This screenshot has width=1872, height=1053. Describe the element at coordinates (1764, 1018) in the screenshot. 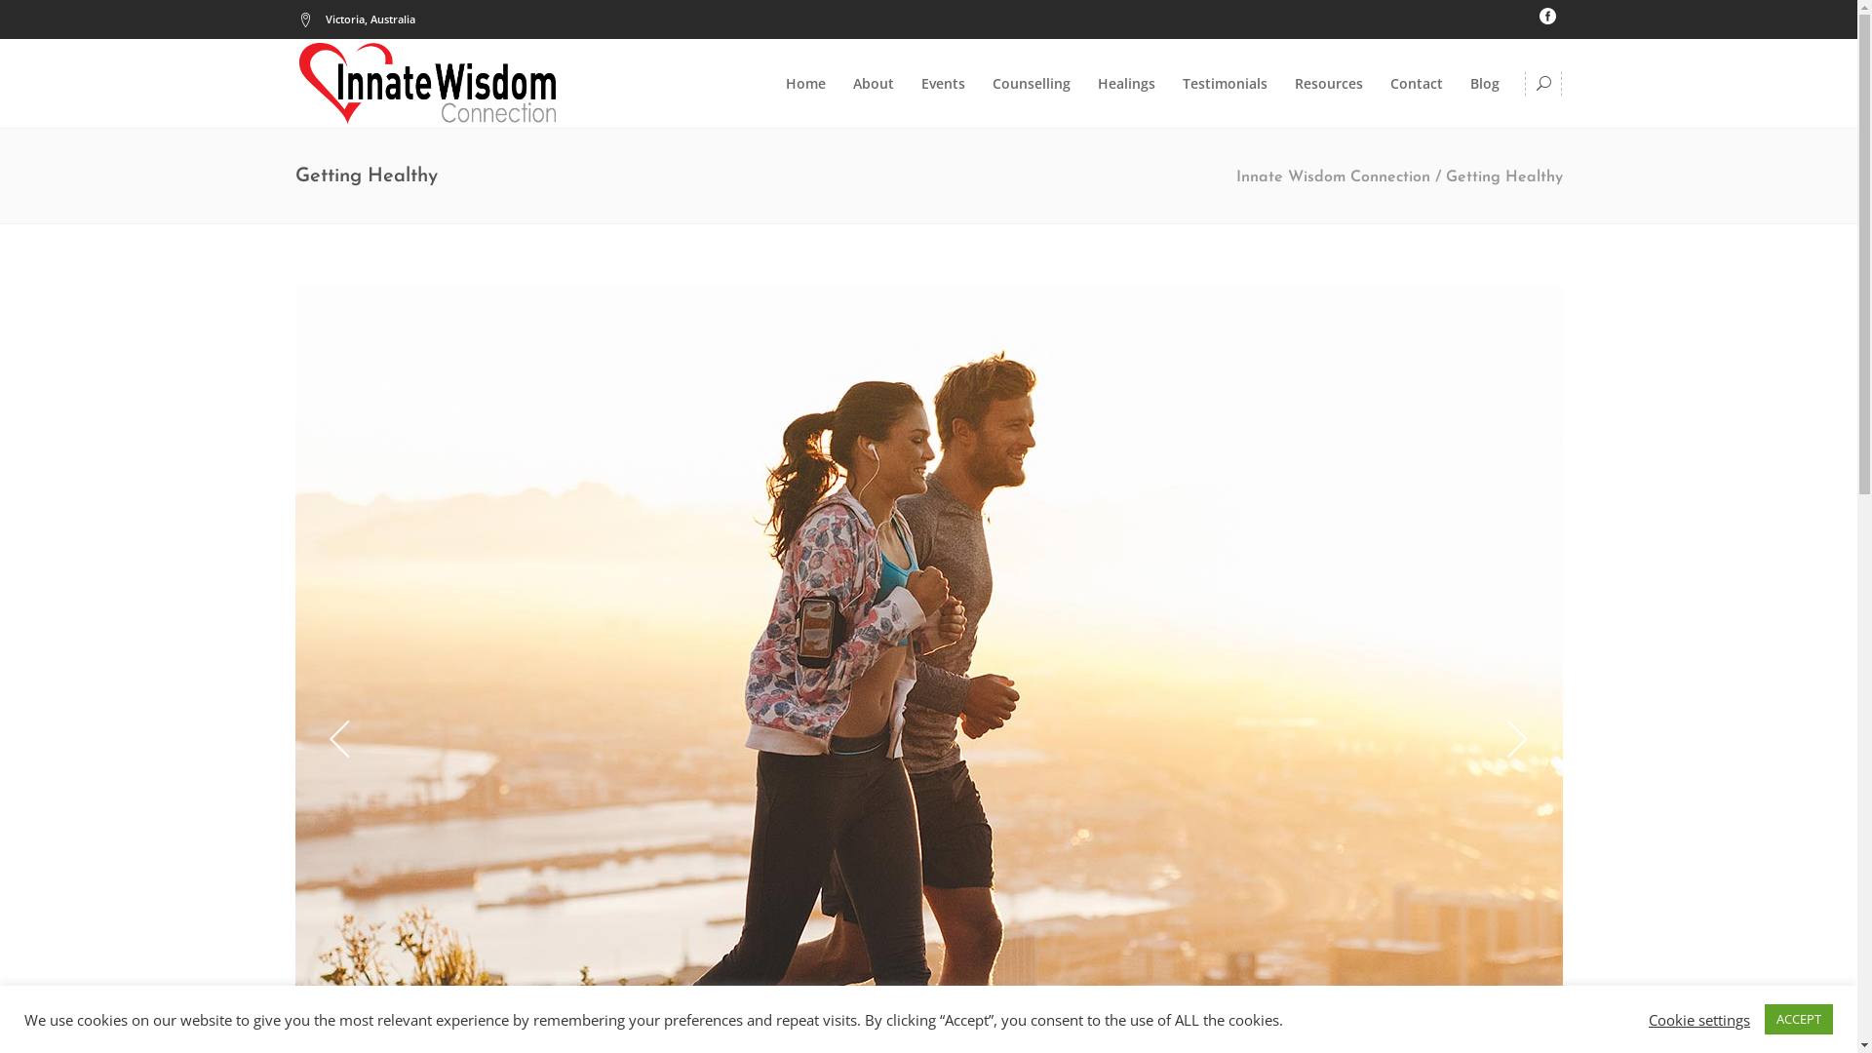

I see `'ACCEPT'` at that location.